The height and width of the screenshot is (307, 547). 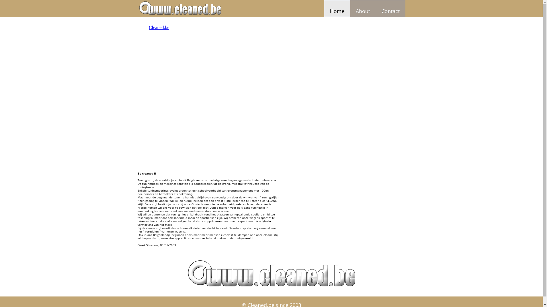 I want to click on 'Contact', so click(x=390, y=9).